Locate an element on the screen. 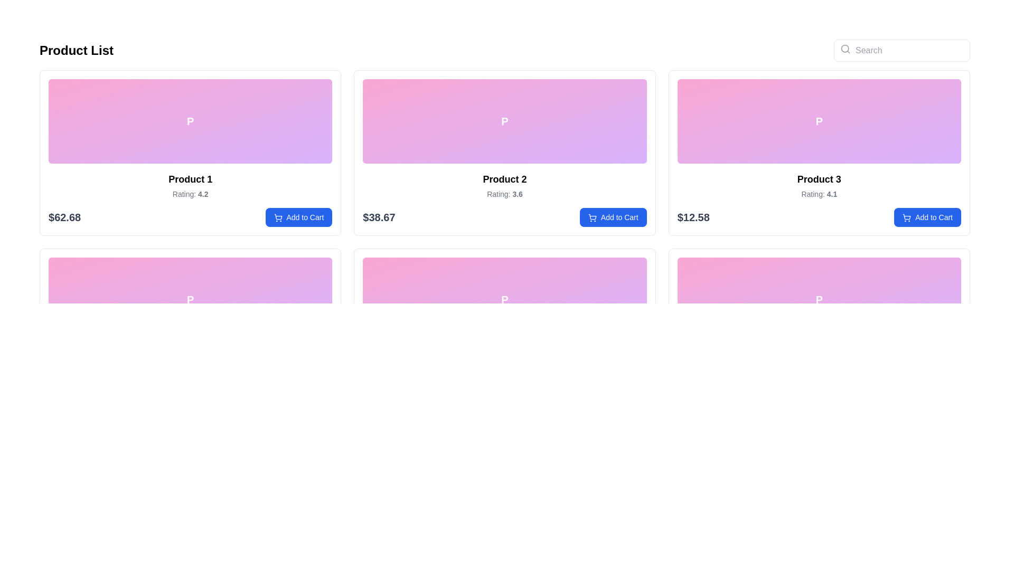 The width and height of the screenshot is (1014, 570). product information displayed in the Composite UI element located at the top-left corner of the grid, which includes the product name, rating, and price is located at coordinates (190, 153).